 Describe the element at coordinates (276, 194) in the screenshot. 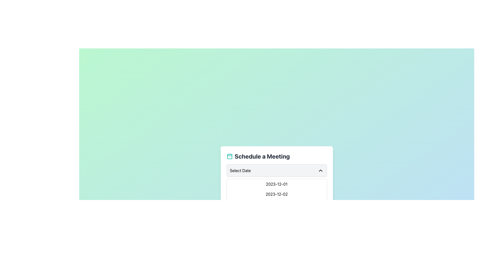

I see `the selectable list item displaying the date '2023-12-02'` at that location.